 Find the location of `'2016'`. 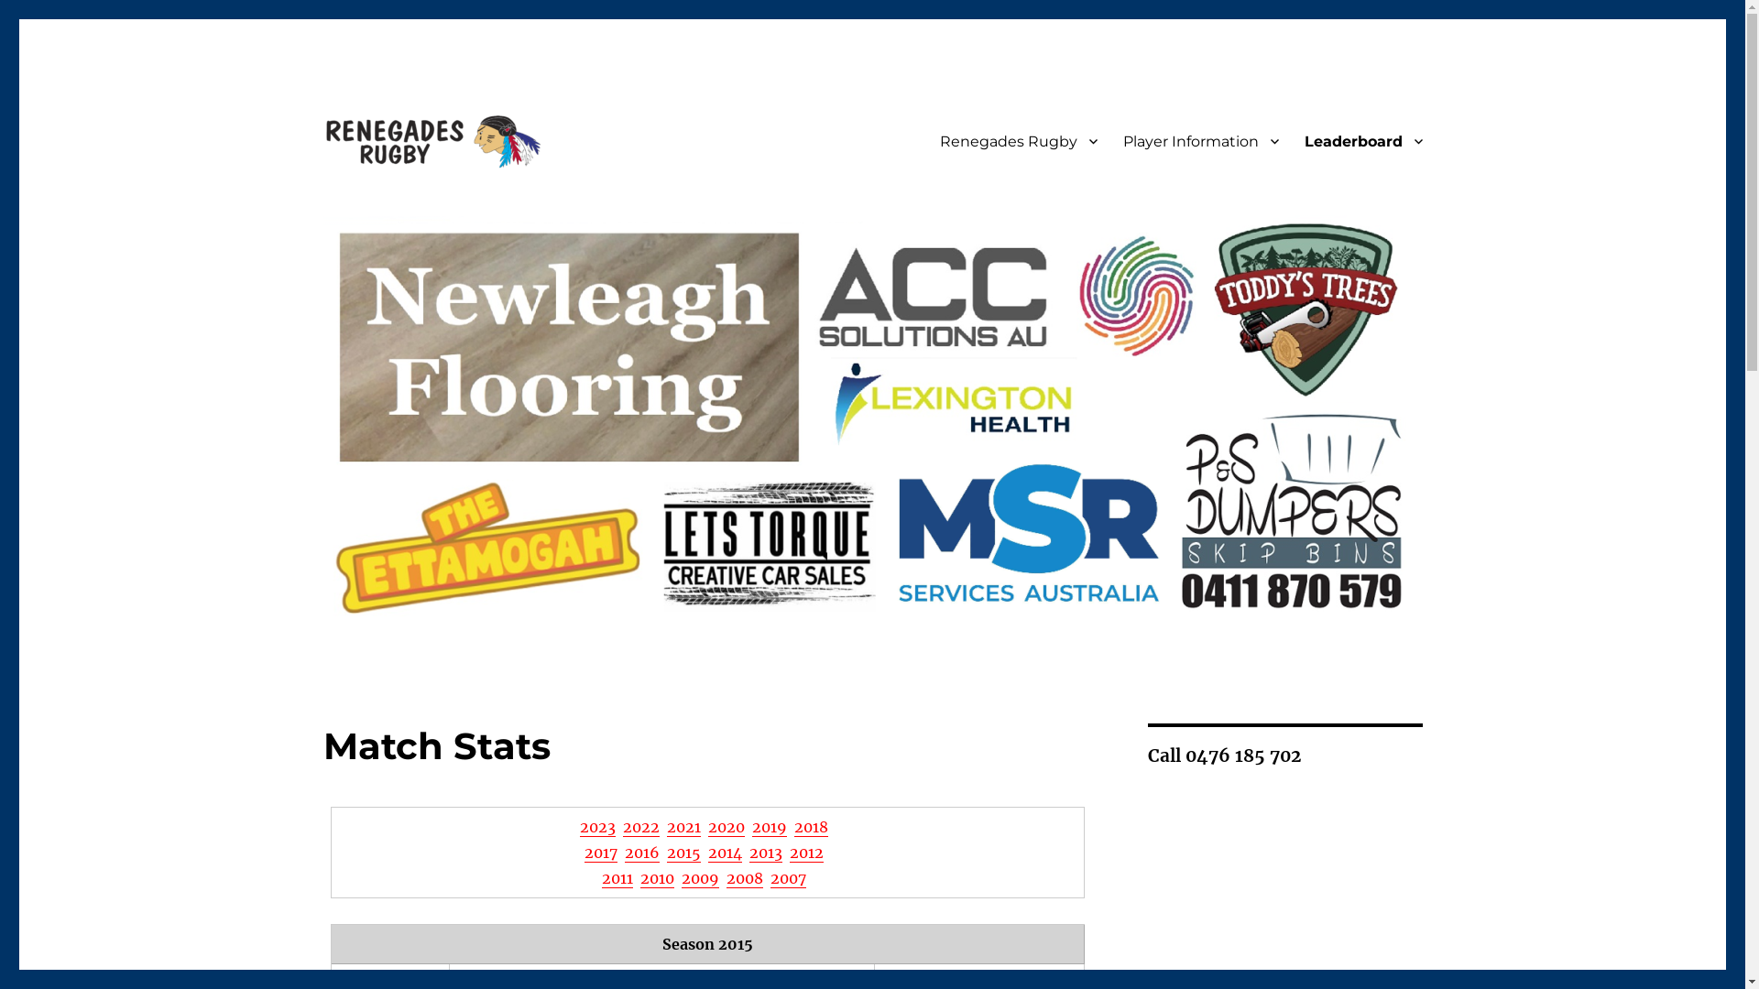

'2016' is located at coordinates (641, 852).